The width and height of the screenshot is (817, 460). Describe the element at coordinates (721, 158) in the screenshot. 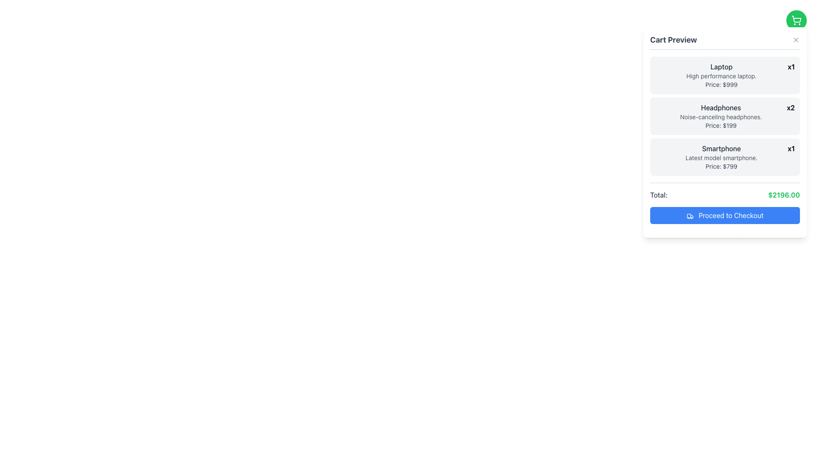

I see `the text label reading 'Latest model smartphone.' which is styled in gray and positioned between the title 'Smartphone' and the price 'Price: $799' in the cart preview` at that location.